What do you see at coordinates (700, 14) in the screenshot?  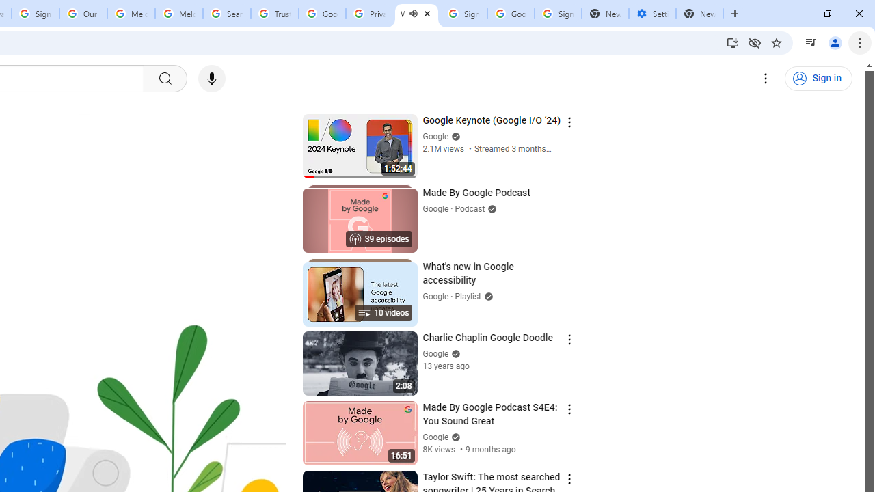 I see `'New Tab'` at bounding box center [700, 14].